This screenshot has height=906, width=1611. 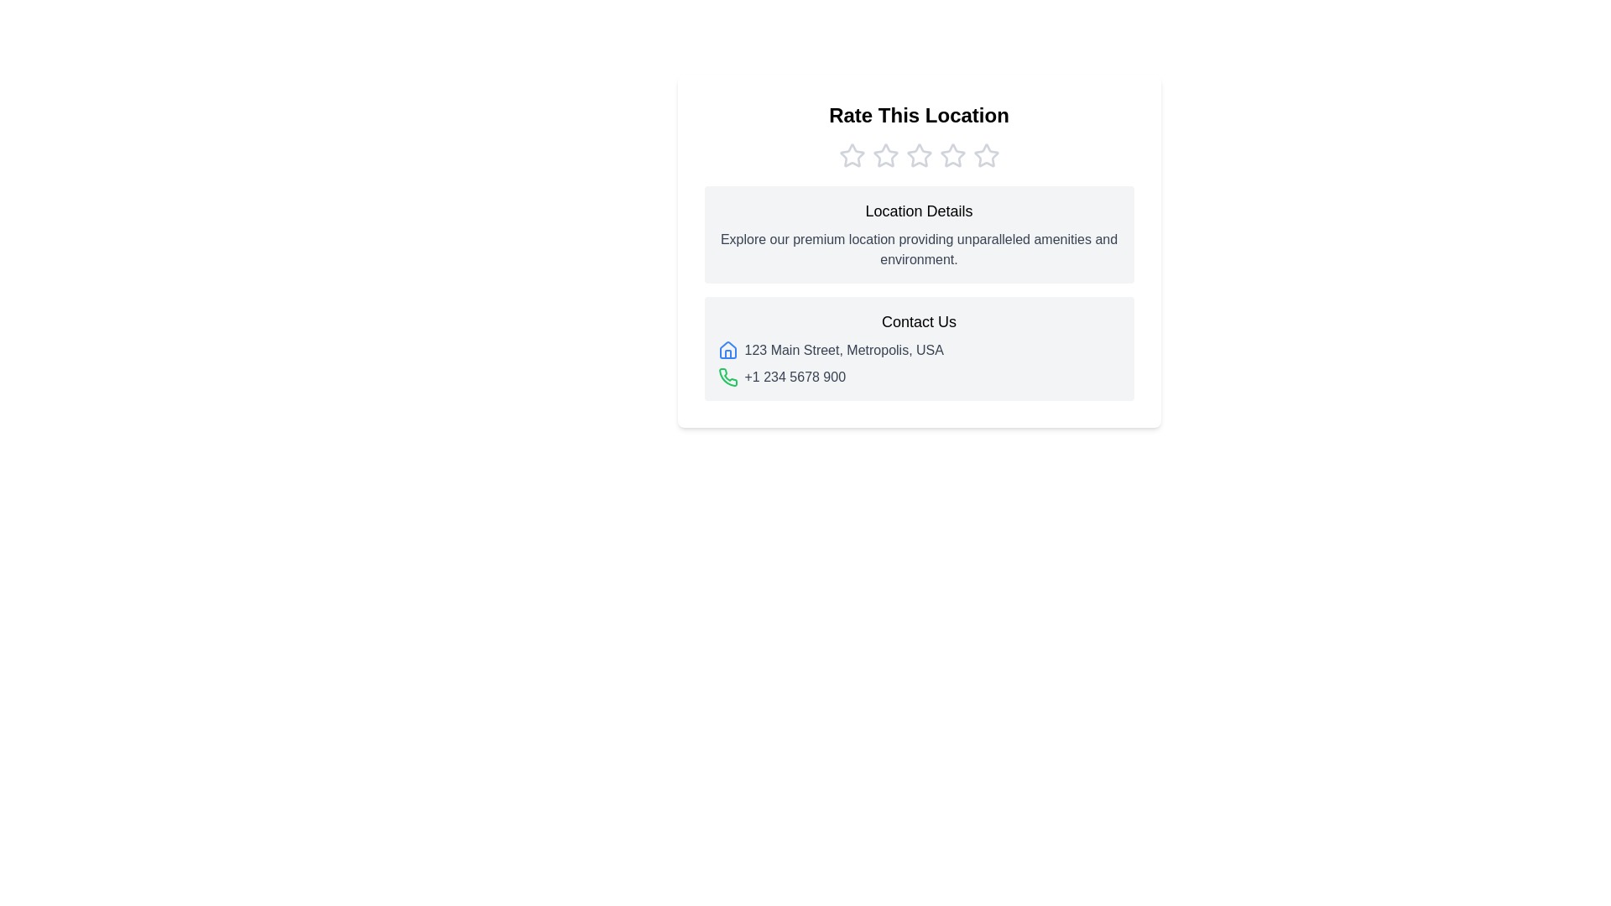 What do you see at coordinates (727, 349) in the screenshot?
I see `the address icon located to the left of the 'Contact Us' section, adjacent to the address '123 Main Street, Metropolis, USA'` at bounding box center [727, 349].